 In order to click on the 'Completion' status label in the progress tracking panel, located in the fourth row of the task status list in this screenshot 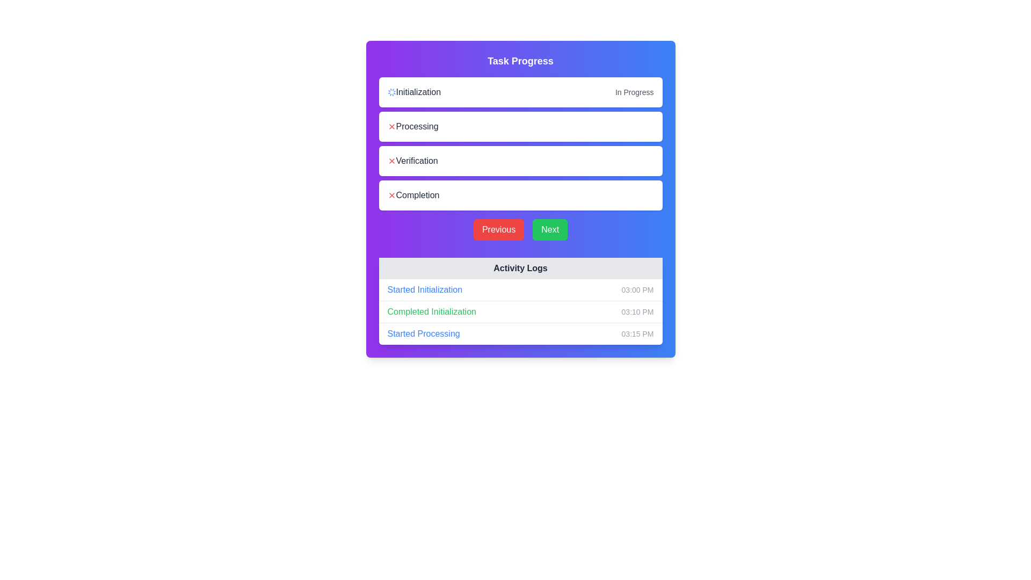, I will do `click(412, 195)`.